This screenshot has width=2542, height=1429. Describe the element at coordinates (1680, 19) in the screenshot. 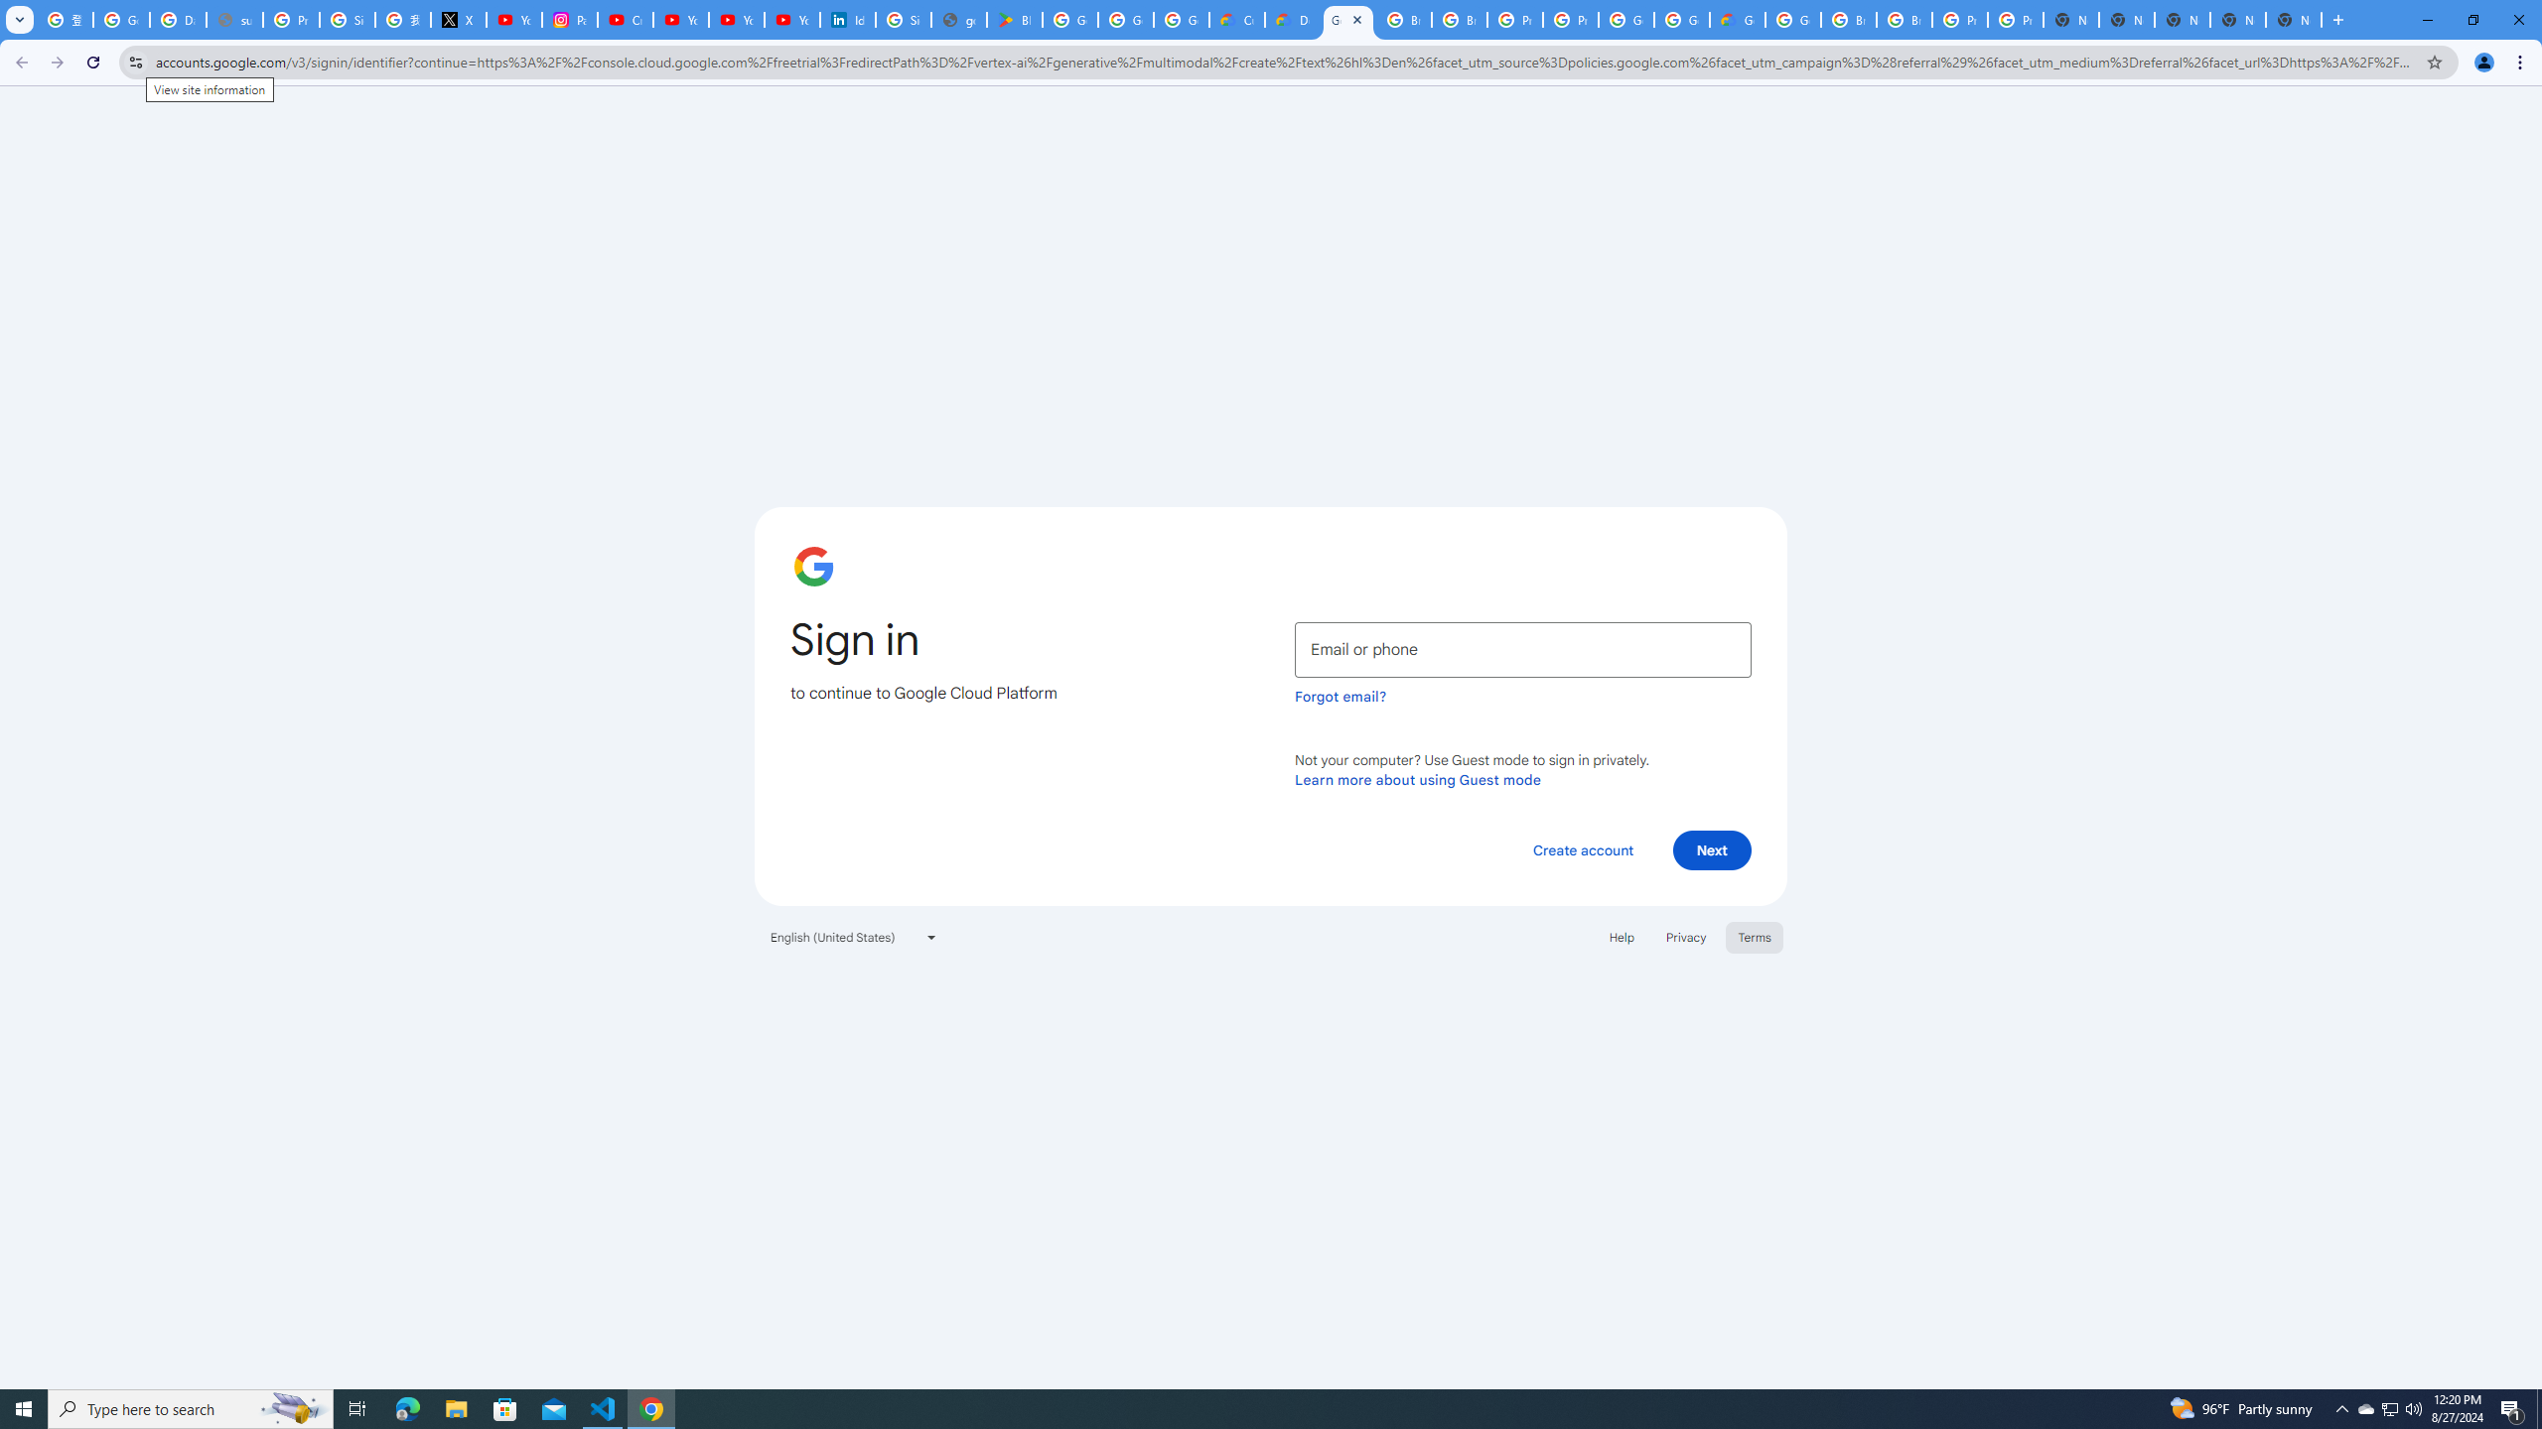

I see `'Google Cloud Platform'` at that location.